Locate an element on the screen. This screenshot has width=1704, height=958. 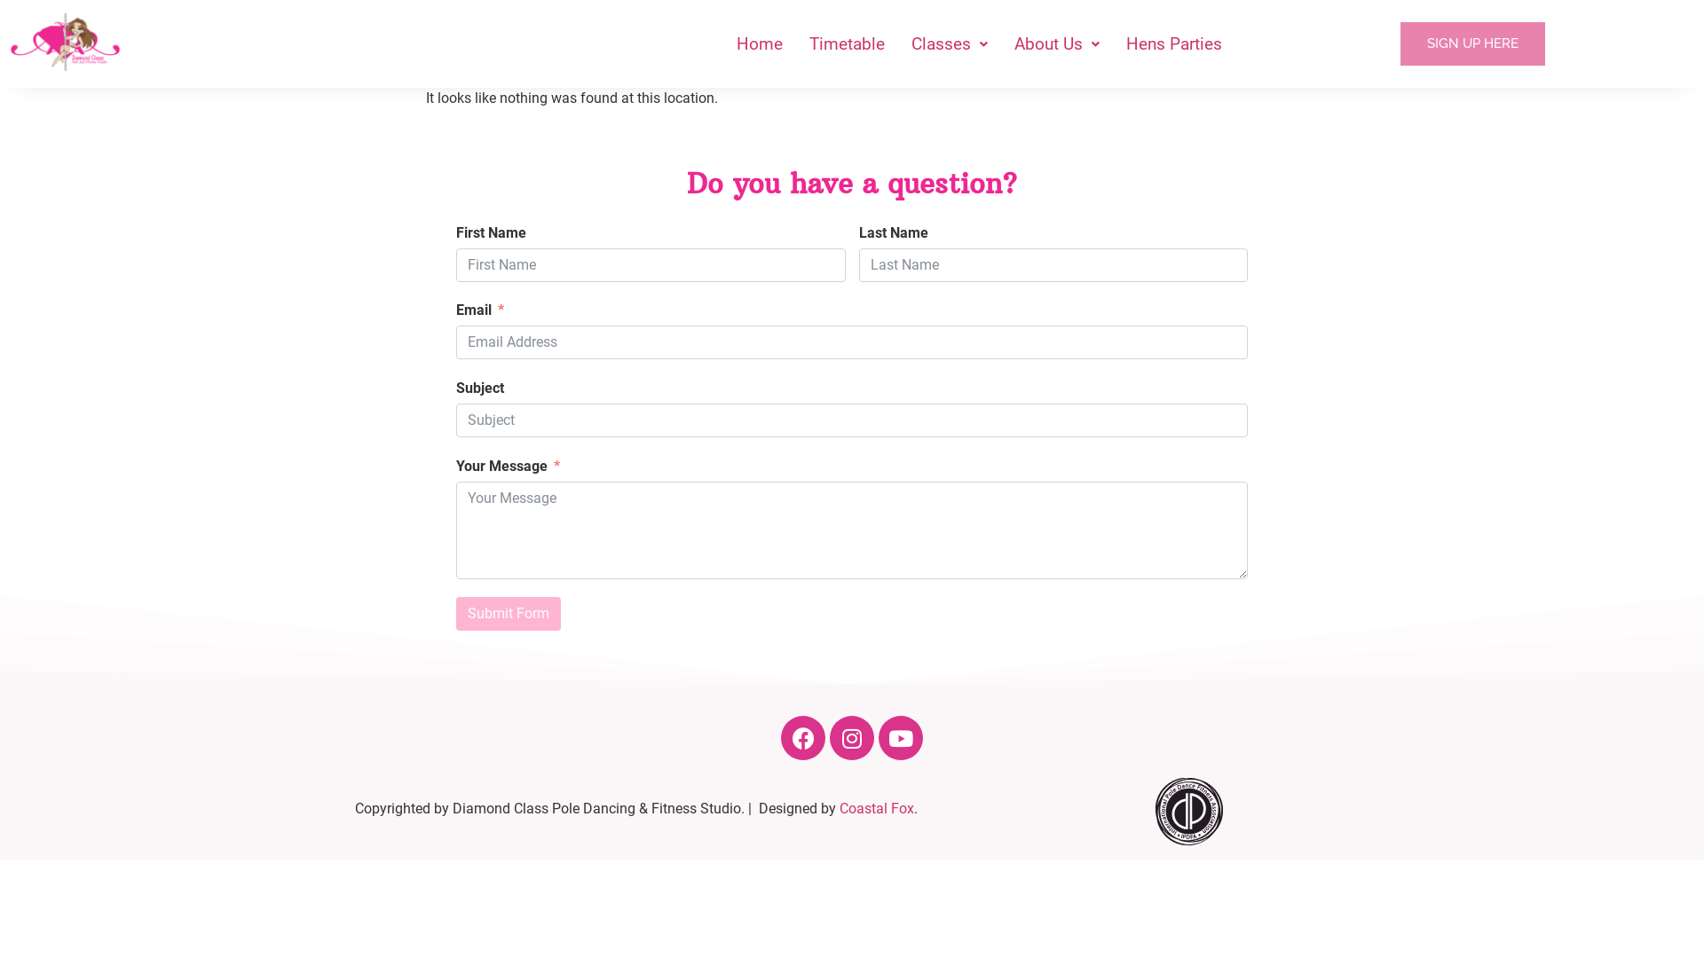
'Hens Parties' is located at coordinates (1111, 43).